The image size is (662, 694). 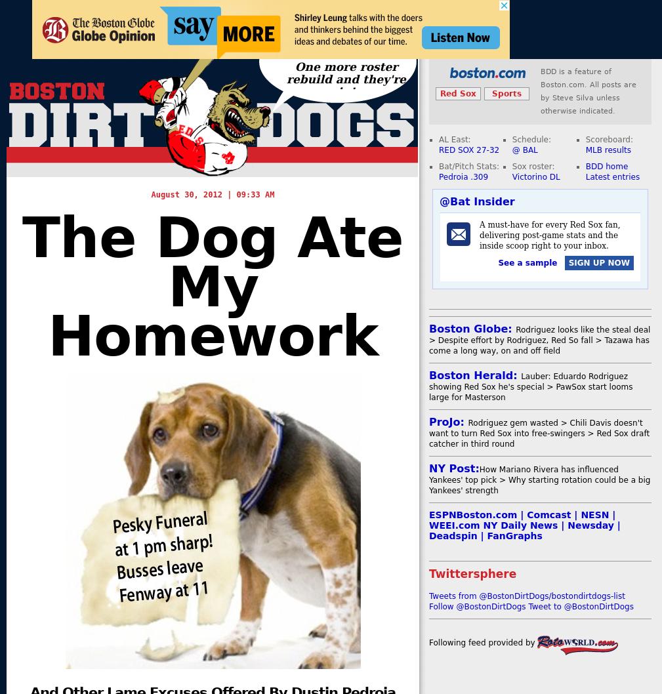 I want to click on 'FanGraphs', so click(x=514, y=535).